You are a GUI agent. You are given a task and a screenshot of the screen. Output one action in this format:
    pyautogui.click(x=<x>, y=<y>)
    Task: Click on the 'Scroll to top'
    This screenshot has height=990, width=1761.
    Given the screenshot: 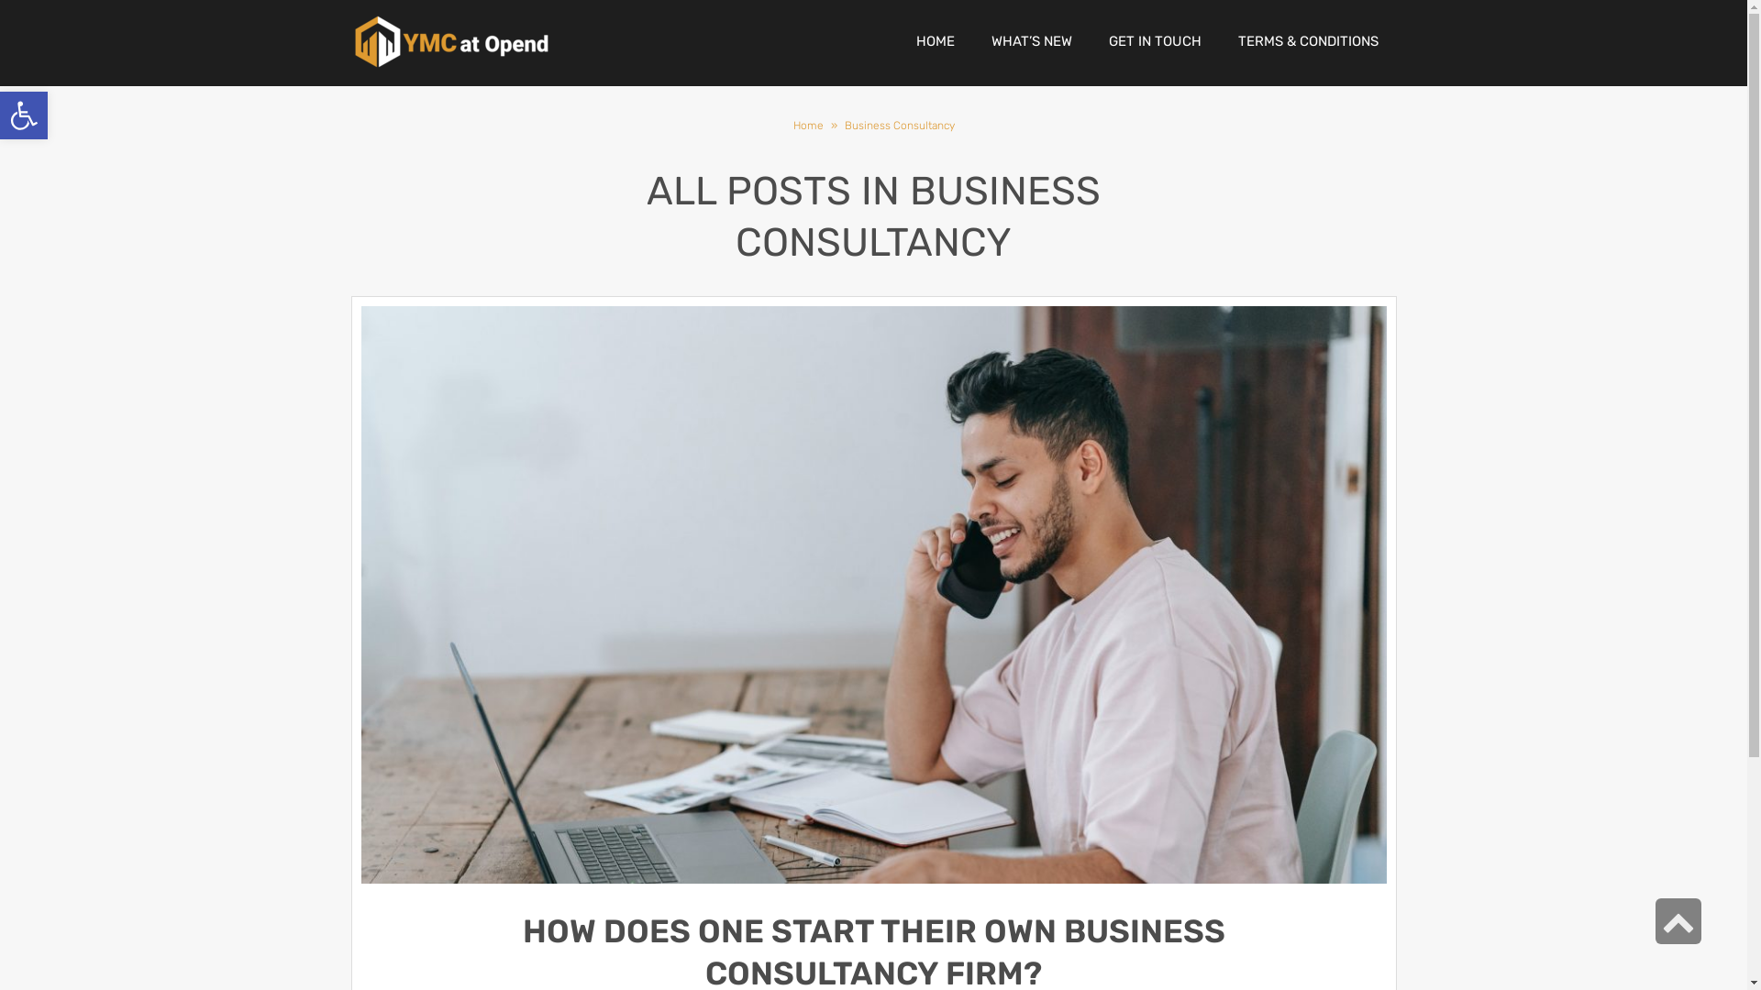 What is the action you would take?
    pyautogui.click(x=1678, y=921)
    